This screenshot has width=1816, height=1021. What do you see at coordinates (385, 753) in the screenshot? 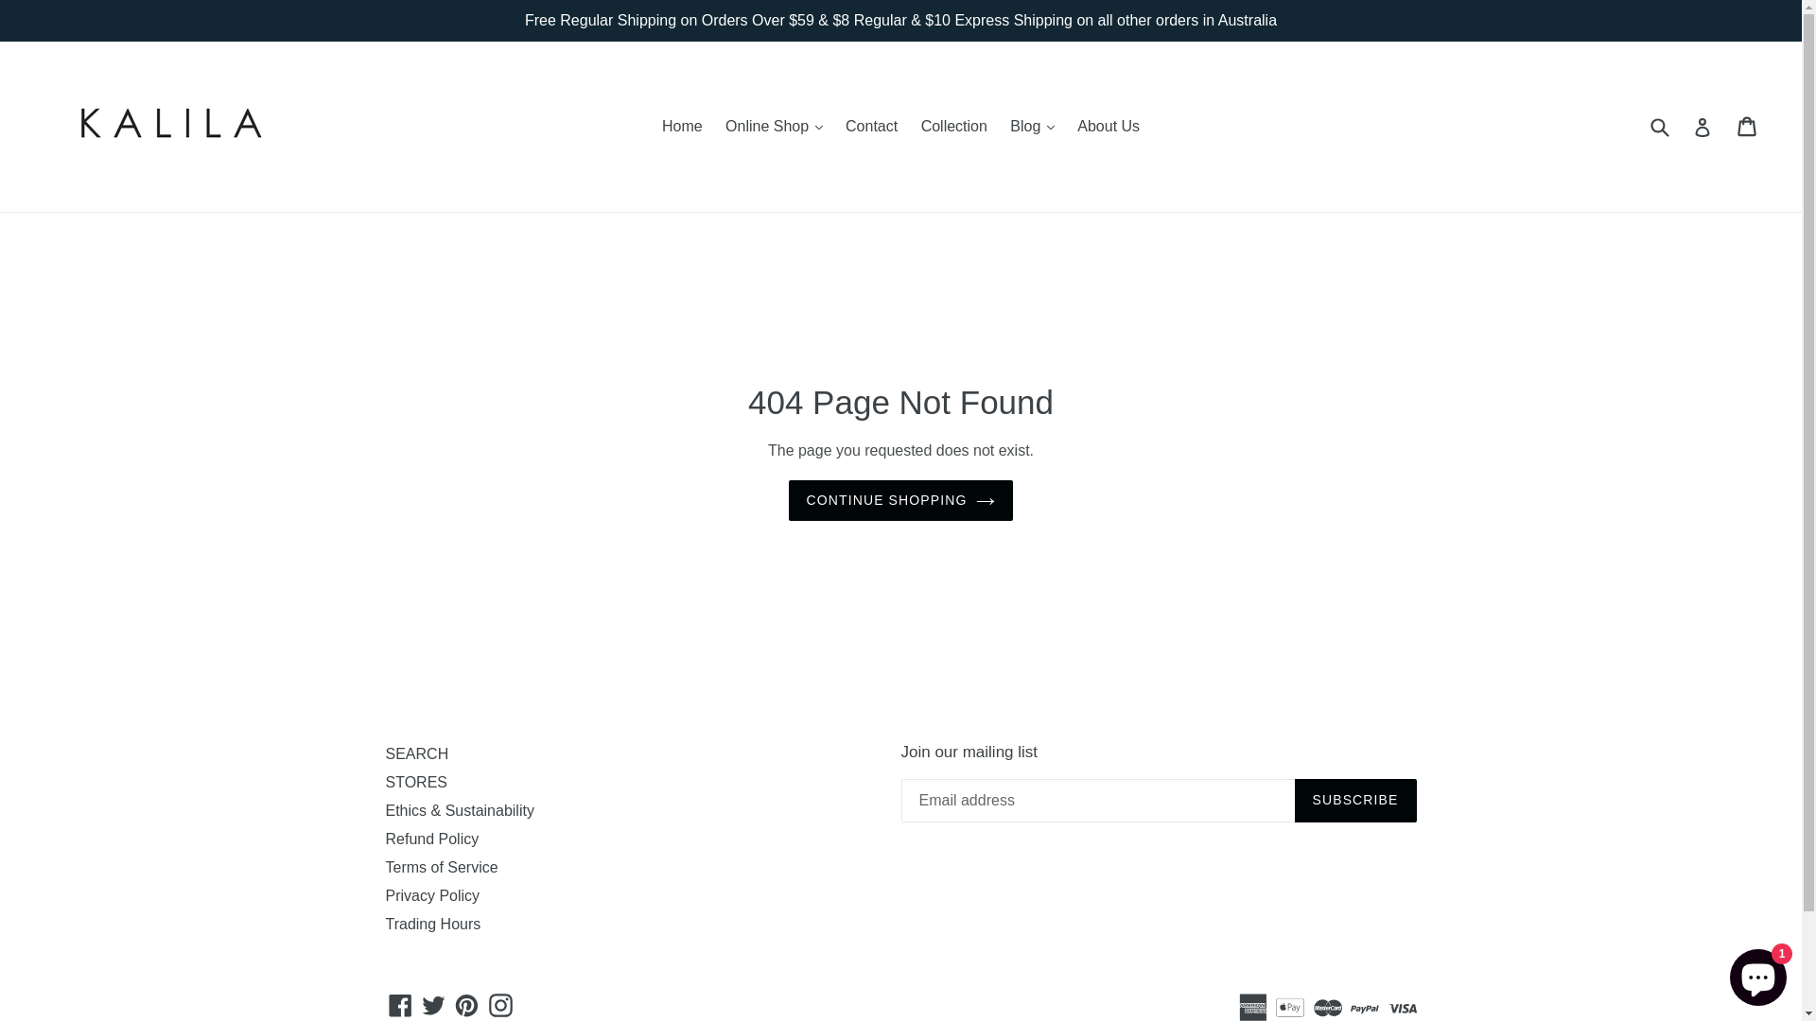
I see `'SEARCH'` at bounding box center [385, 753].